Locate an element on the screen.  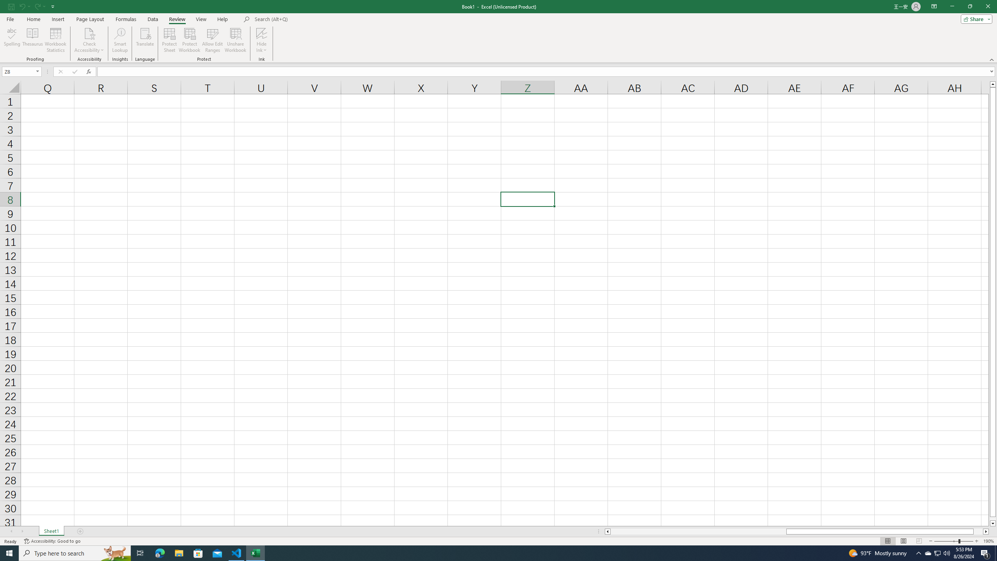
'Normal' is located at coordinates (887, 541).